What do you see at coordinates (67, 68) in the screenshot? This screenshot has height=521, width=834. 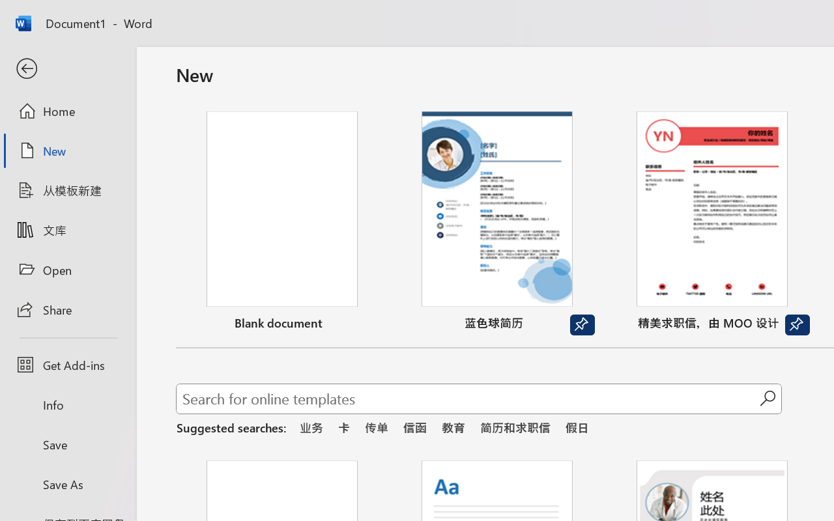 I see `'Back'` at bounding box center [67, 68].